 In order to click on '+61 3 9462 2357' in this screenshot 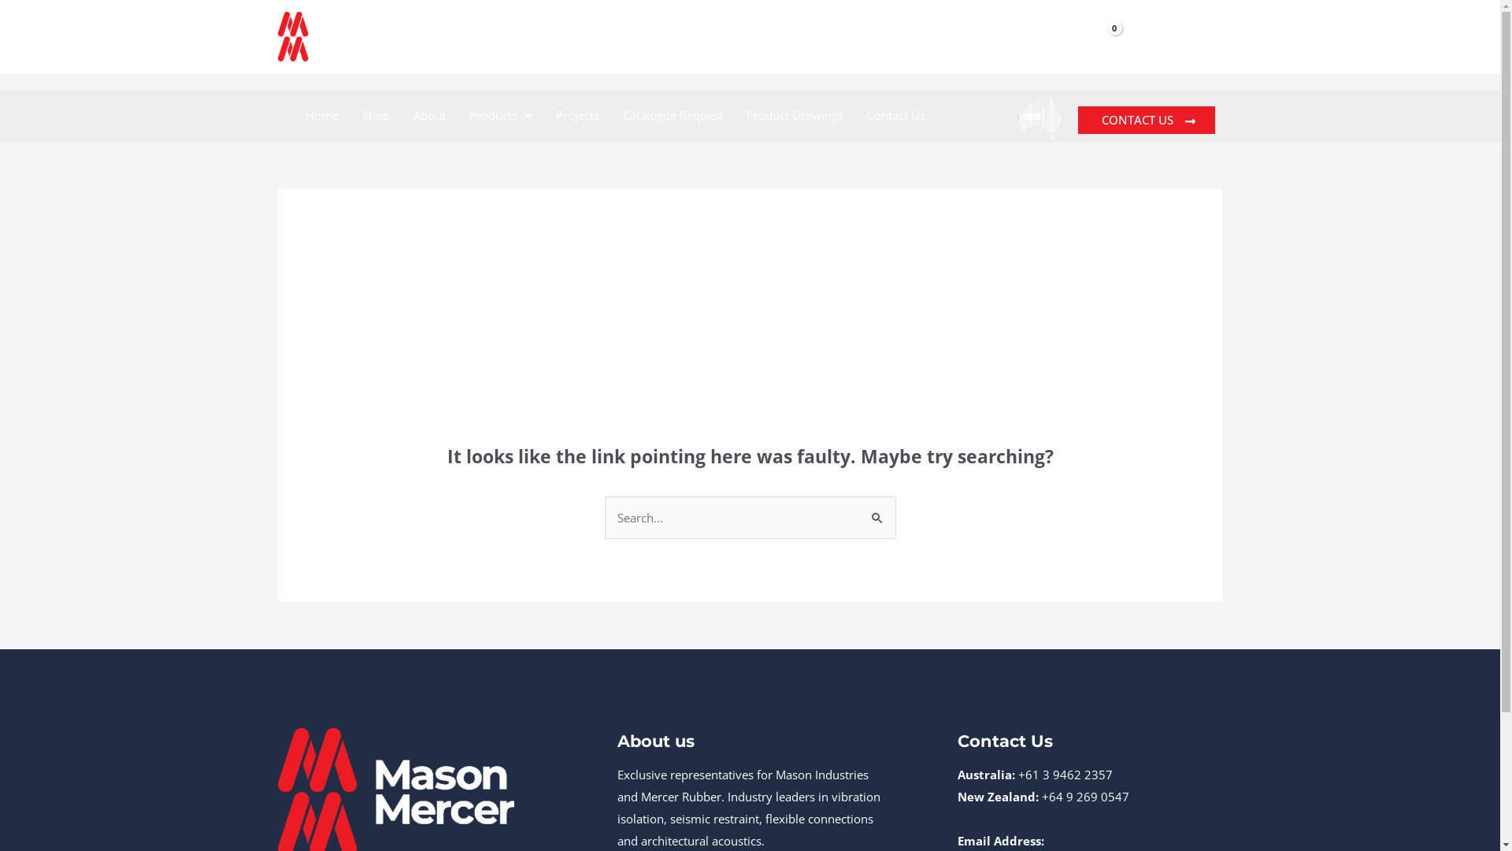, I will do `click(1065, 774)`.